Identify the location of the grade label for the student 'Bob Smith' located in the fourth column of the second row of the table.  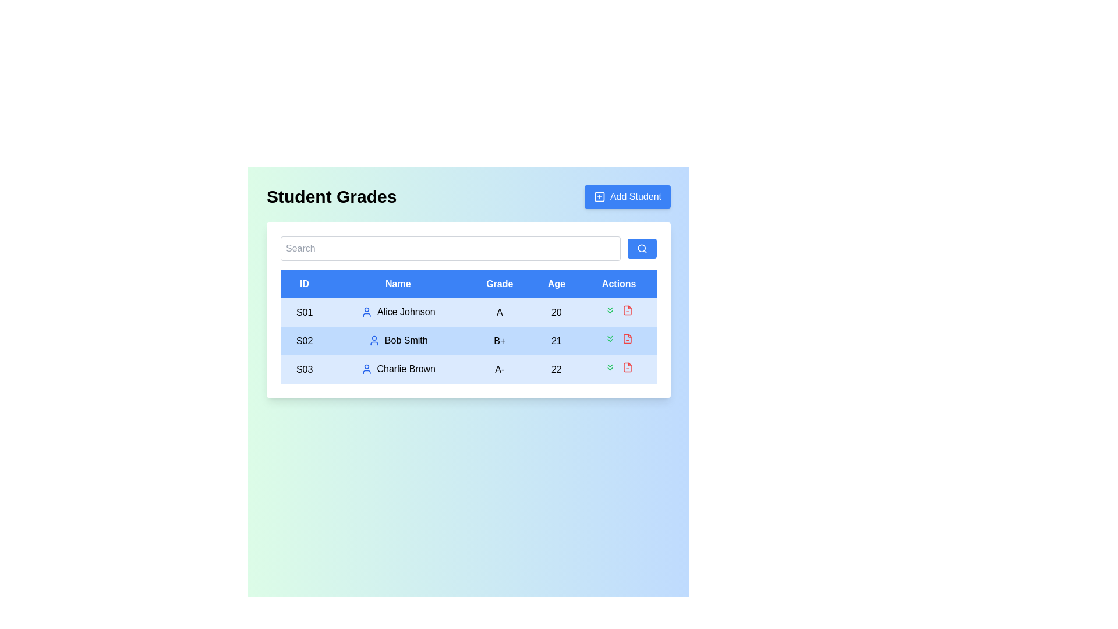
(500, 341).